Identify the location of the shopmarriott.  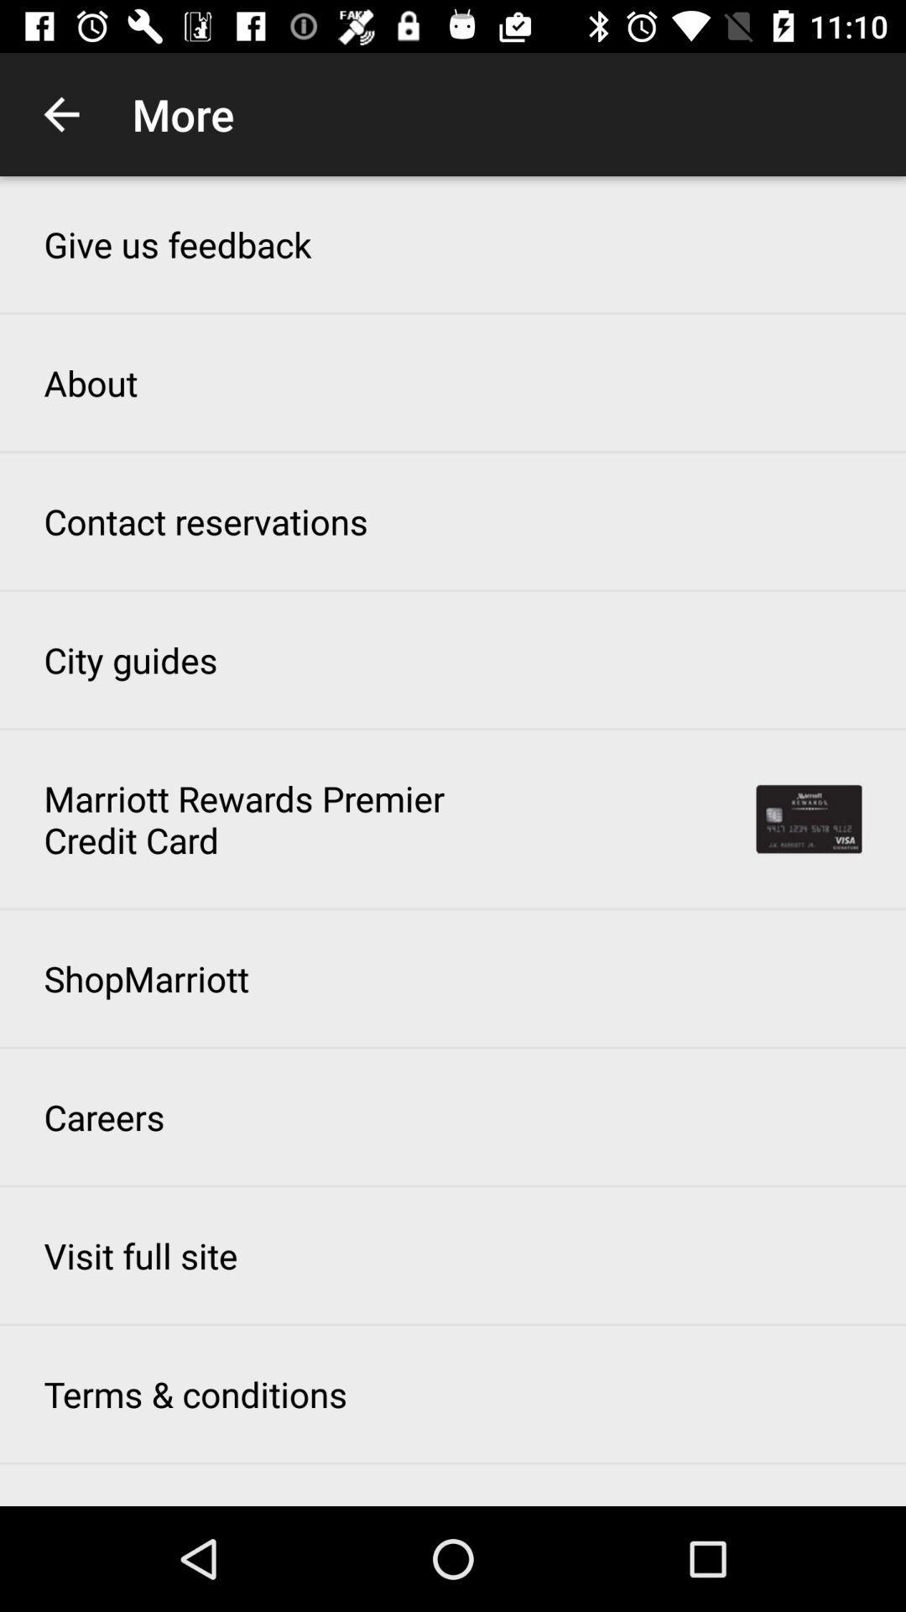
(145, 978).